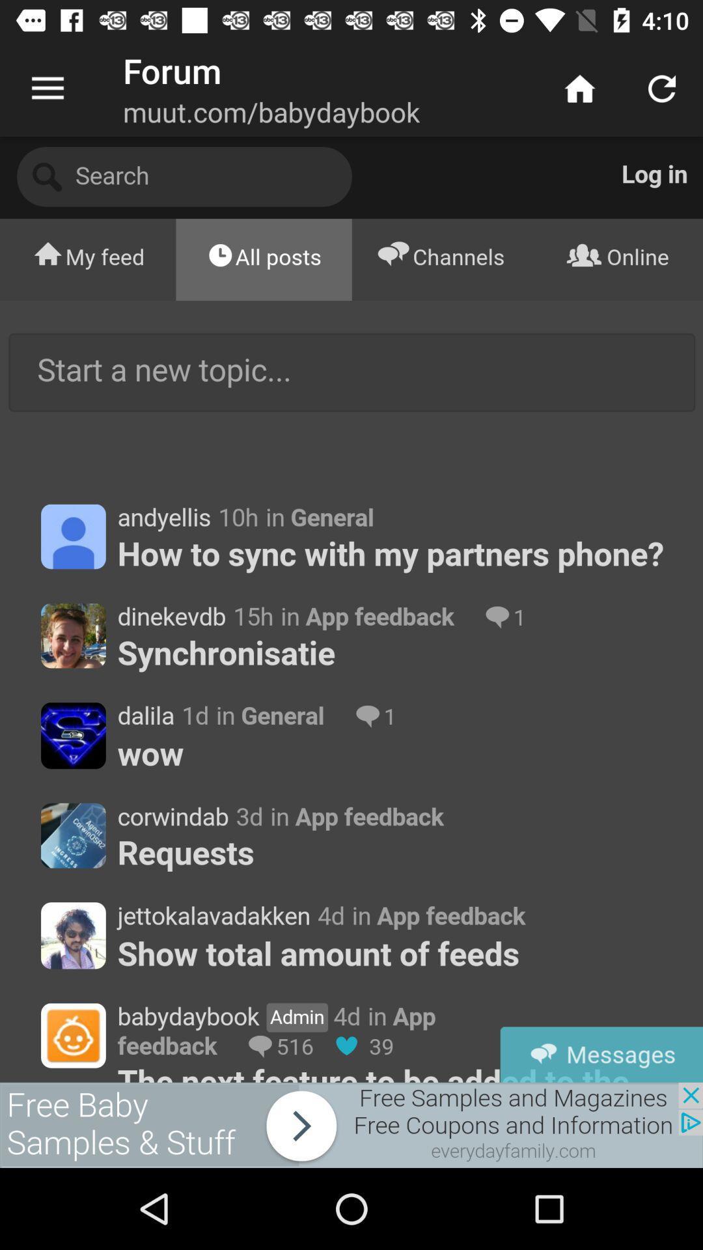 Image resolution: width=703 pixels, height=1250 pixels. Describe the element at coordinates (351, 1124) in the screenshot. I see `view advertisements options` at that location.